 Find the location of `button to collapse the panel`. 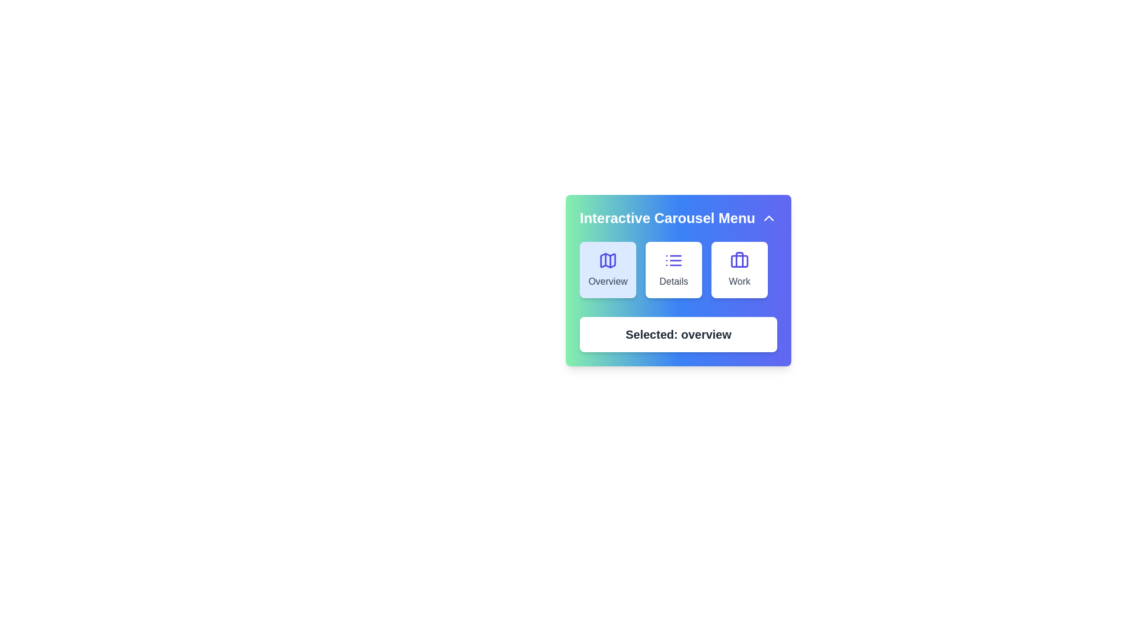

button to collapse the panel is located at coordinates (769, 218).